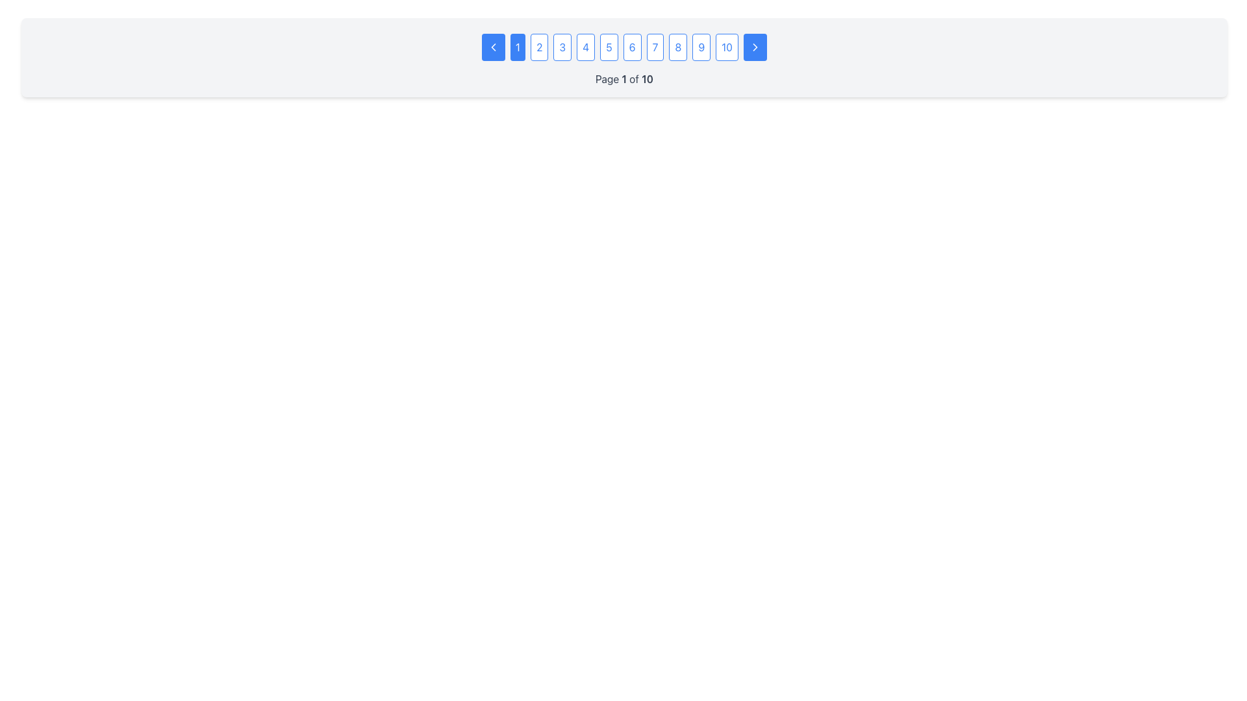  What do you see at coordinates (655, 47) in the screenshot?
I see `the navigation button that changes to page '7'` at bounding box center [655, 47].